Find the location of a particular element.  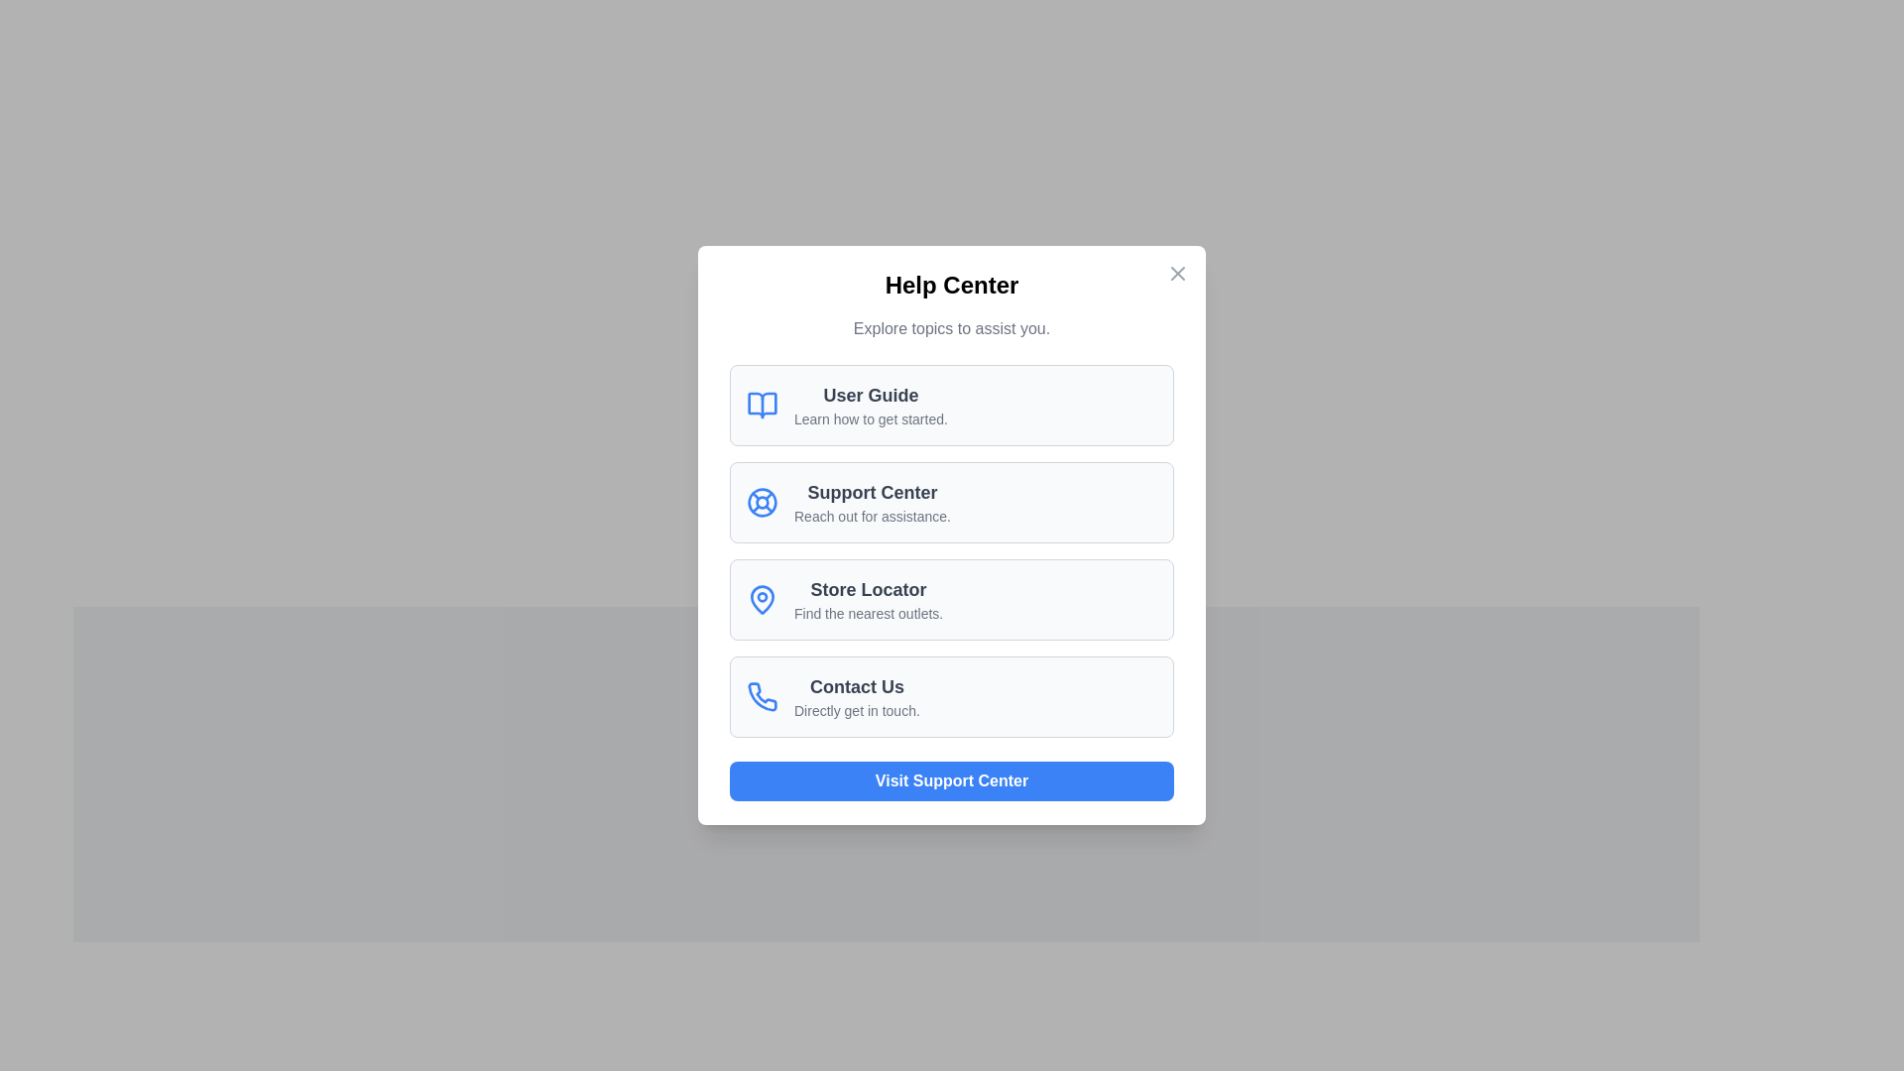

the pin-shaped icon in the 'Store Locator' section, which has a blue border and white fill, located next to the description text as the third icon in the vertical list is located at coordinates (761, 598).